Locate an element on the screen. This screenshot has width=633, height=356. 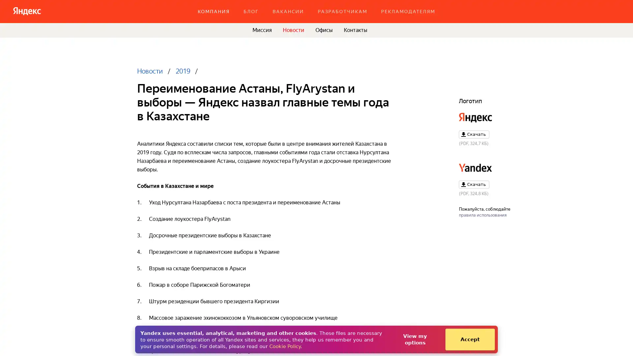
View my options is located at coordinates (414, 339).